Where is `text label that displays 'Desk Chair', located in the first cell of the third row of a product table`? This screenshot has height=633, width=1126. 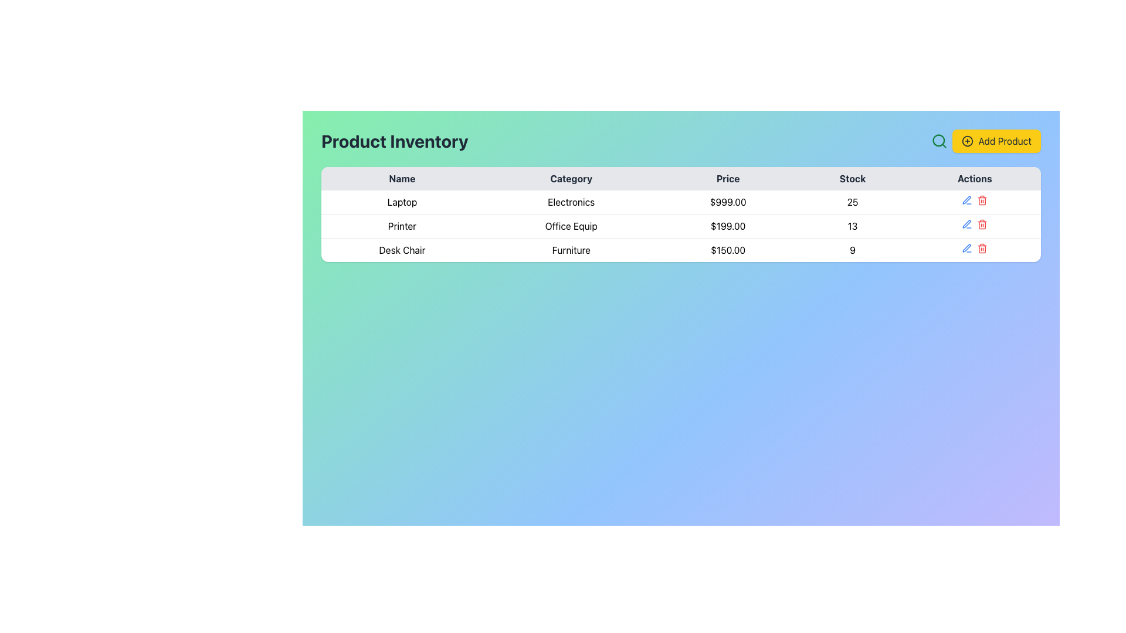 text label that displays 'Desk Chair', located in the first cell of the third row of a product table is located at coordinates (402, 249).